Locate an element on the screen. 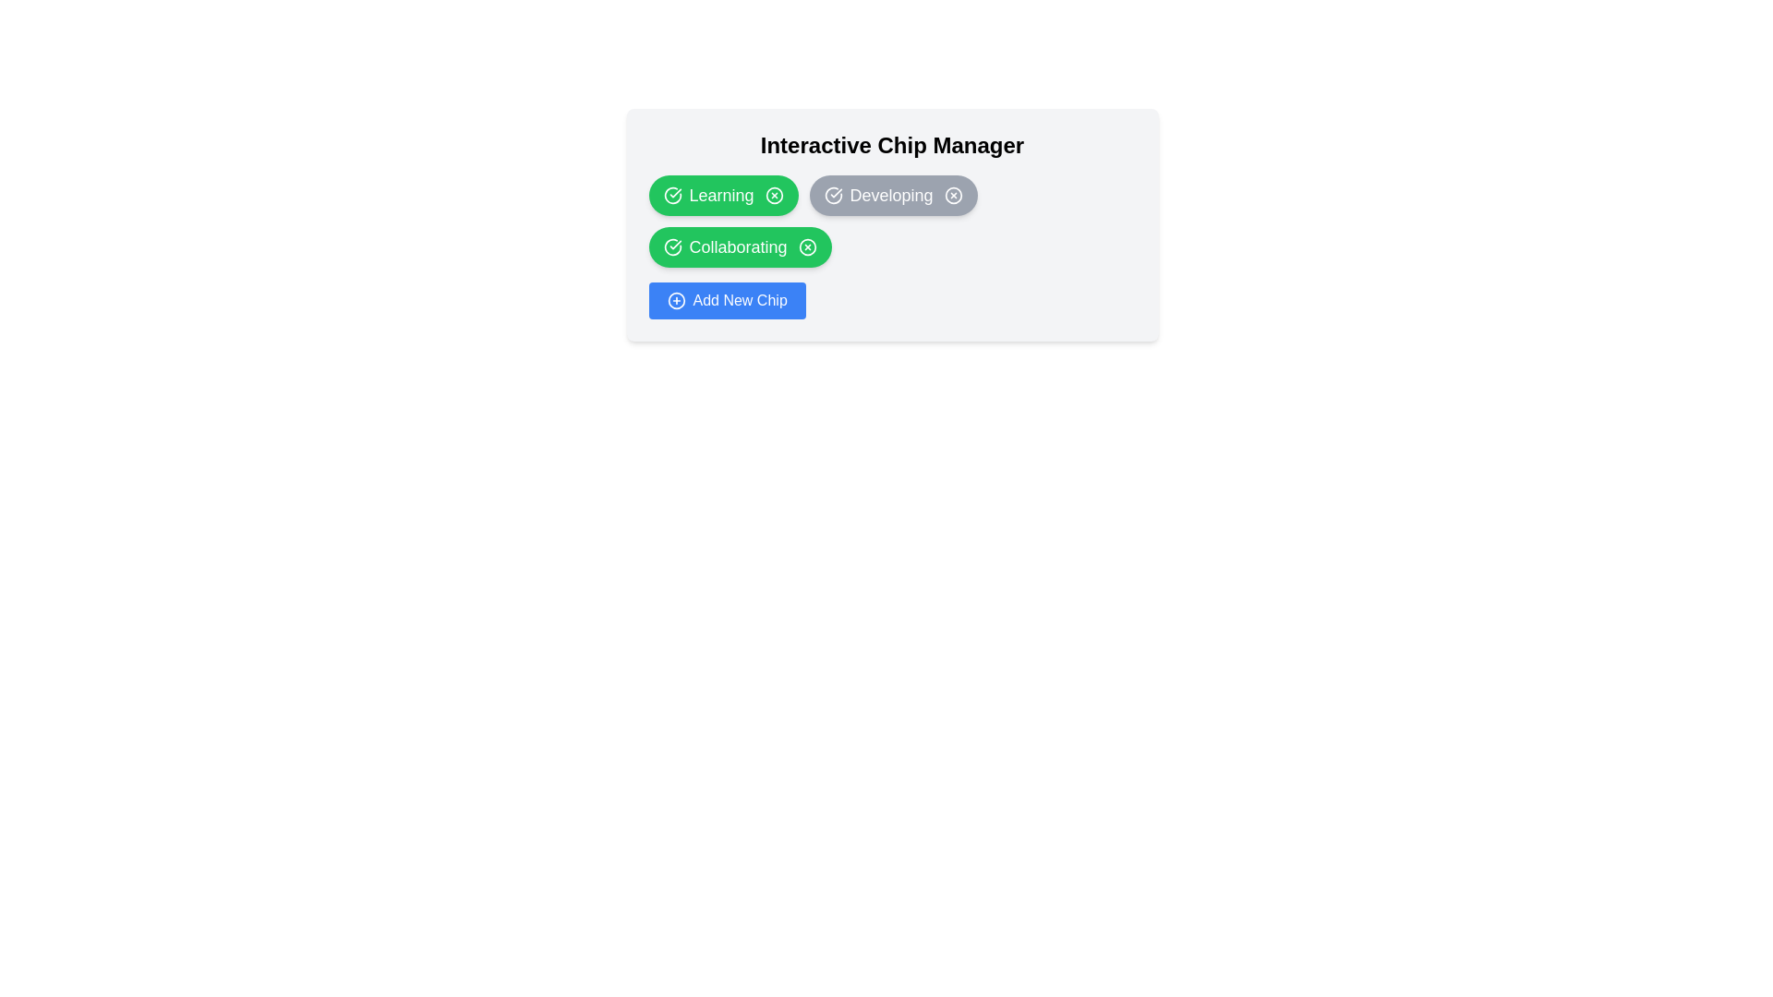 This screenshot has width=1773, height=997. the interactive icons within the 'Learning' Tag button, which has a green background and contains a checkmark icon on the left and a close icon on the right is located at coordinates (722, 196).